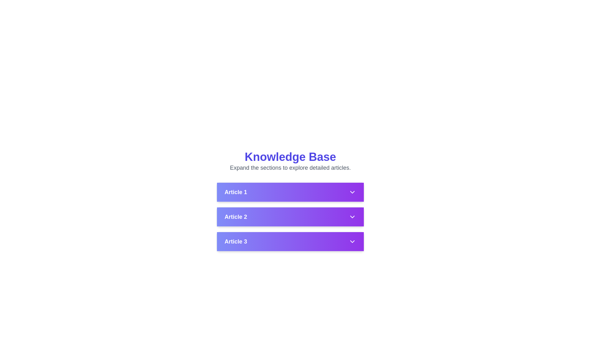 The width and height of the screenshot is (609, 342). Describe the element at coordinates (352, 192) in the screenshot. I see `the downward-pointing chevron arrow icon styled in white` at that location.